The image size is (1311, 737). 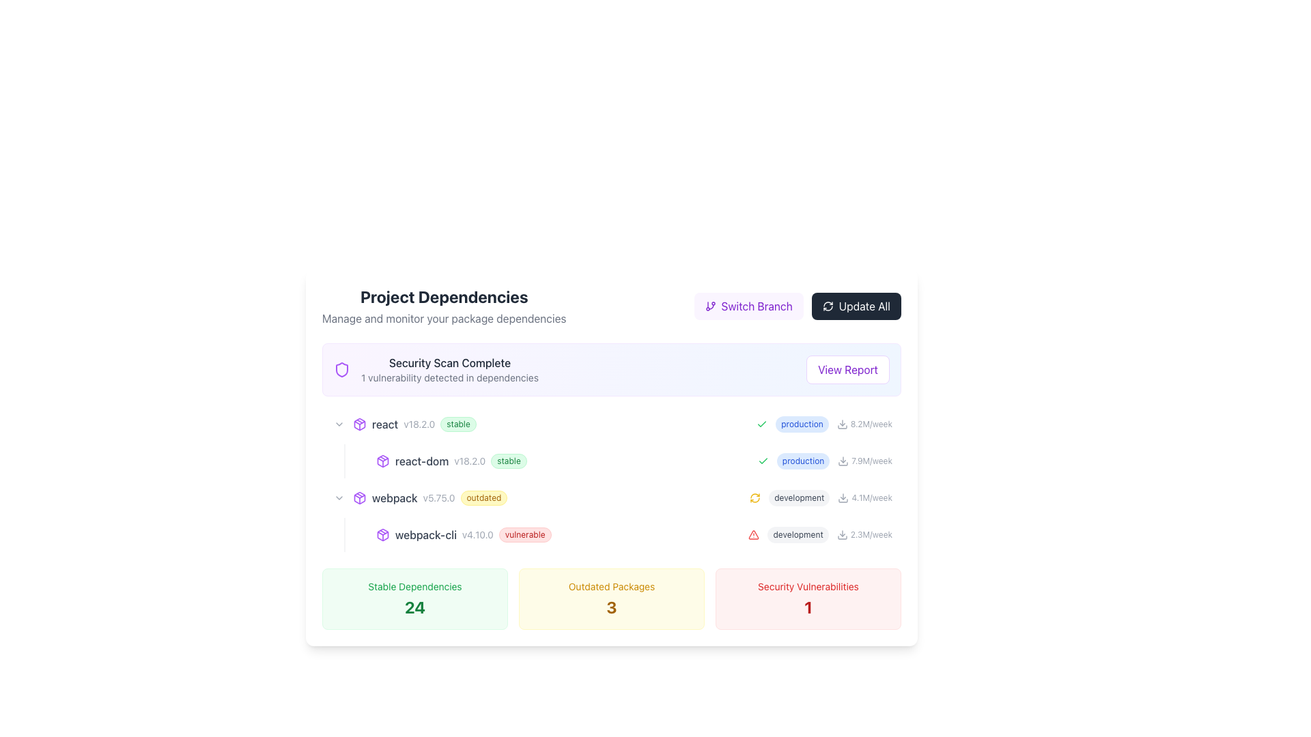 I want to click on the Text Label indicating the name of a dependency or package in the project's dependency list, so click(x=425, y=534).